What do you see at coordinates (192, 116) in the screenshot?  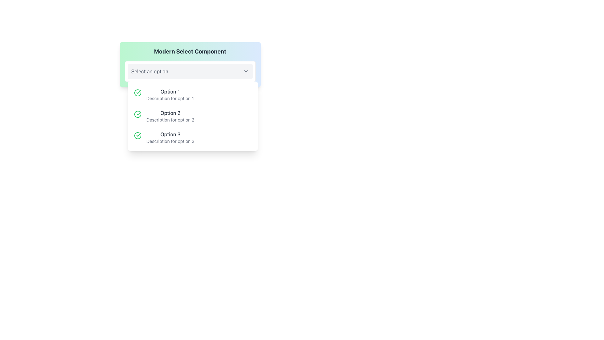 I see `the second item in the dropdown list, which is part of a Modern Select Component` at bounding box center [192, 116].